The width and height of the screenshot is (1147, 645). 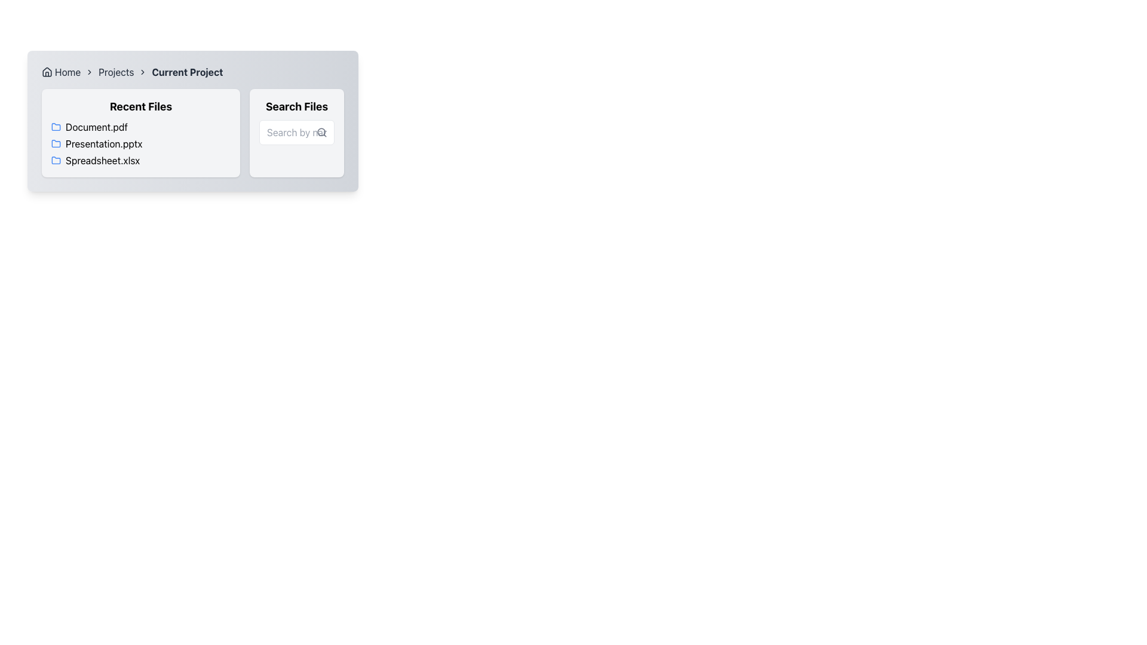 I want to click on the circular graphical shape within the magnifying-glass icon located at the top-right corner of the 'Search Files' input box, so click(x=321, y=132).